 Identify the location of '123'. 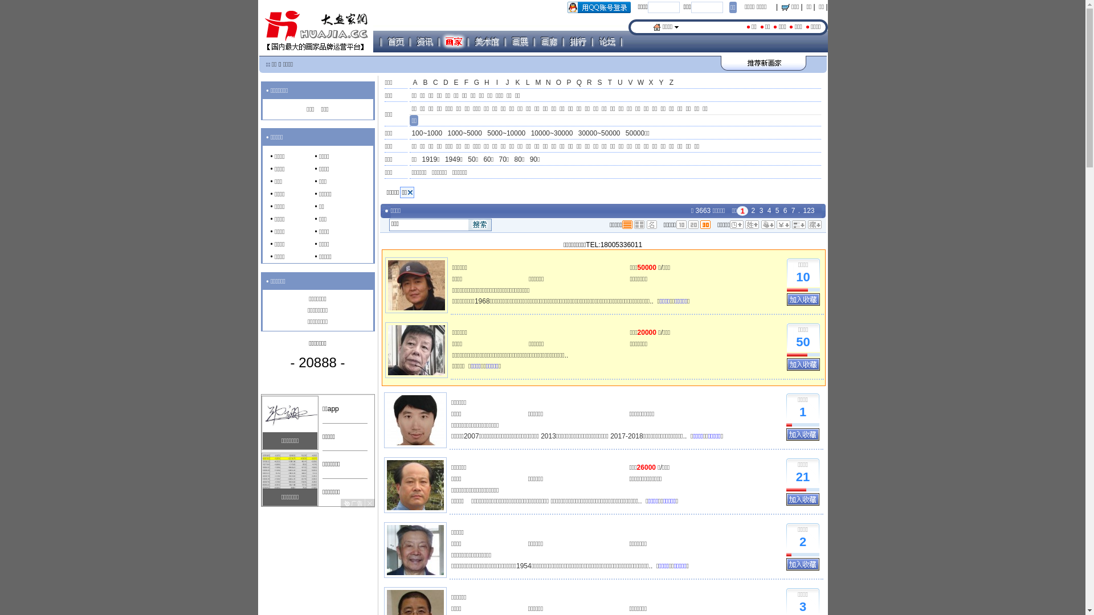
(801, 211).